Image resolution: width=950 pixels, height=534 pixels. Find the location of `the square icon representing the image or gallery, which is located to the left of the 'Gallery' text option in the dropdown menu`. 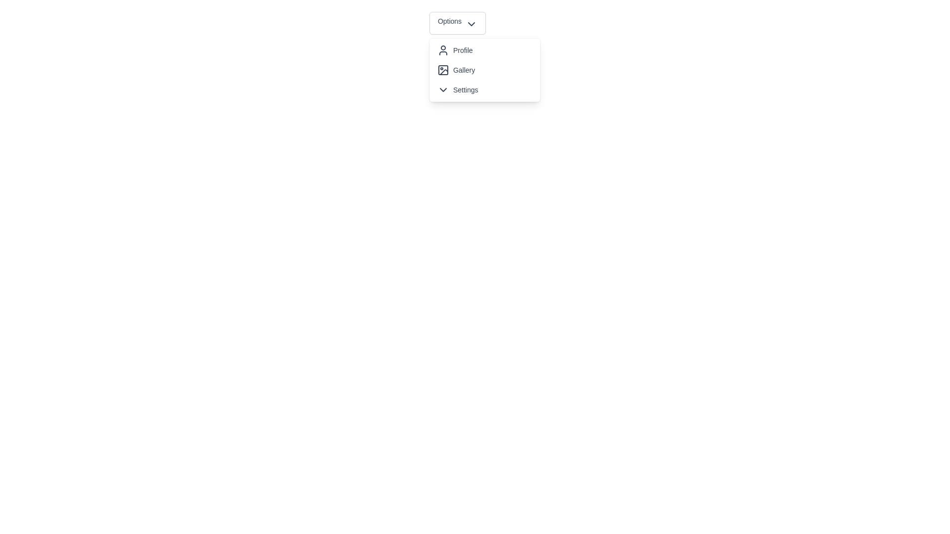

the square icon representing the image or gallery, which is located to the left of the 'Gallery' text option in the dropdown menu is located at coordinates (442, 70).